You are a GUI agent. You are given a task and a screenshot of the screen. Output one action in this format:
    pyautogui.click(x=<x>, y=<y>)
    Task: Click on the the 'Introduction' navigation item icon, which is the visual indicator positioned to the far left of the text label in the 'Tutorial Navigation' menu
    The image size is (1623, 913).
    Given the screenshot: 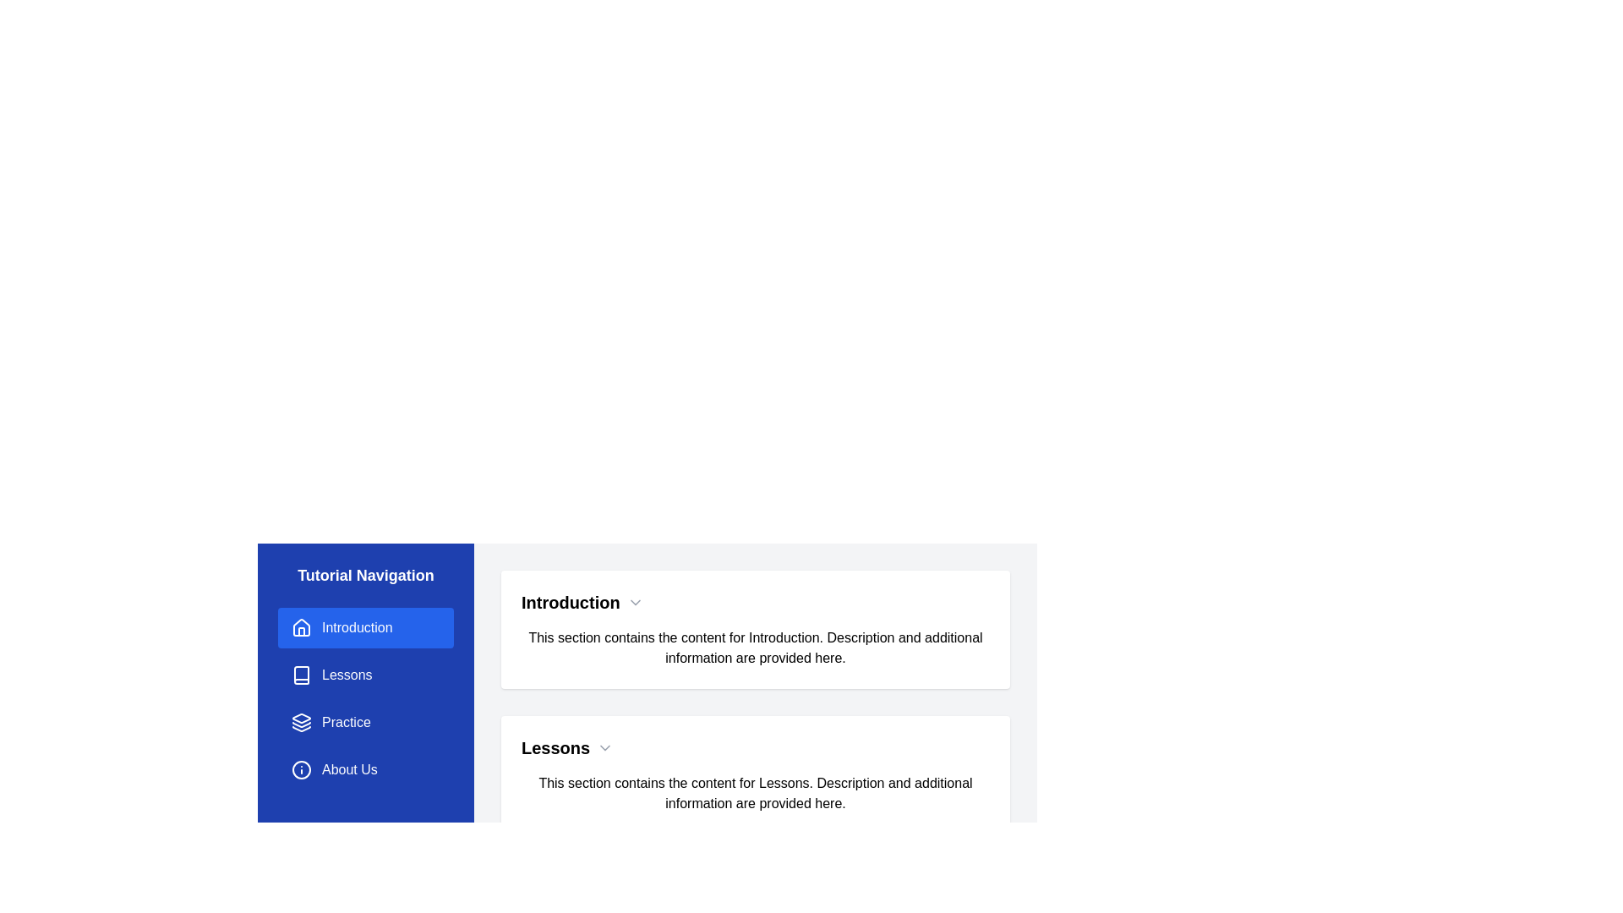 What is the action you would take?
    pyautogui.click(x=301, y=628)
    